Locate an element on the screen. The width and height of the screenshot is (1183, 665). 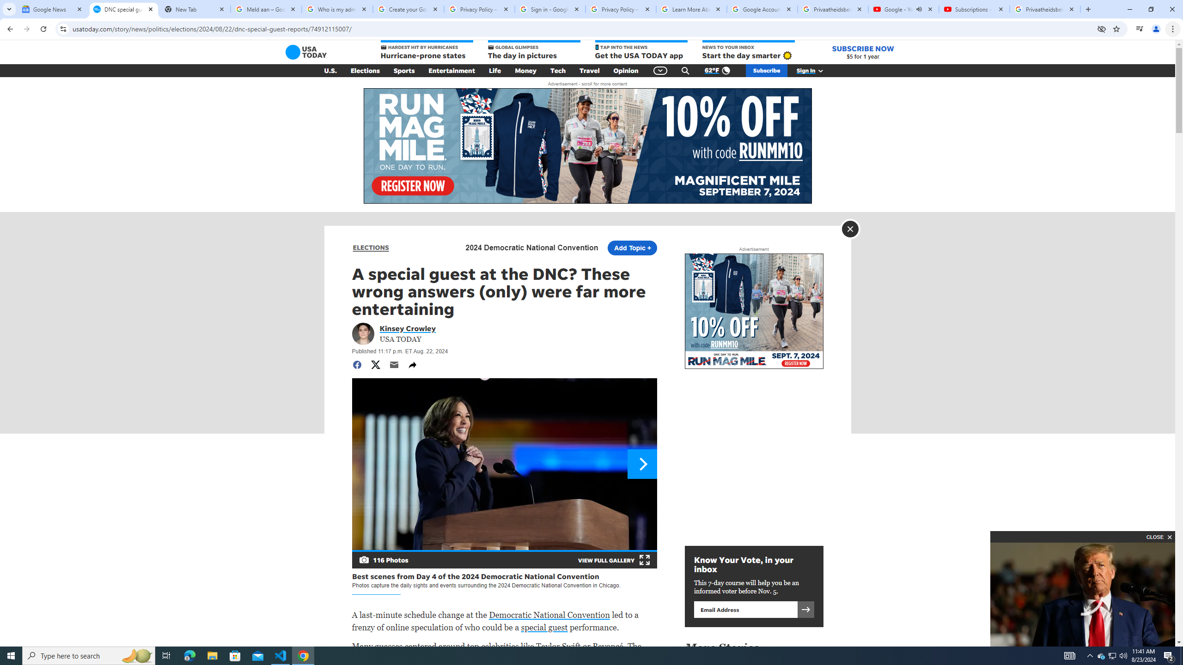
'Opinion' is located at coordinates (625, 71).